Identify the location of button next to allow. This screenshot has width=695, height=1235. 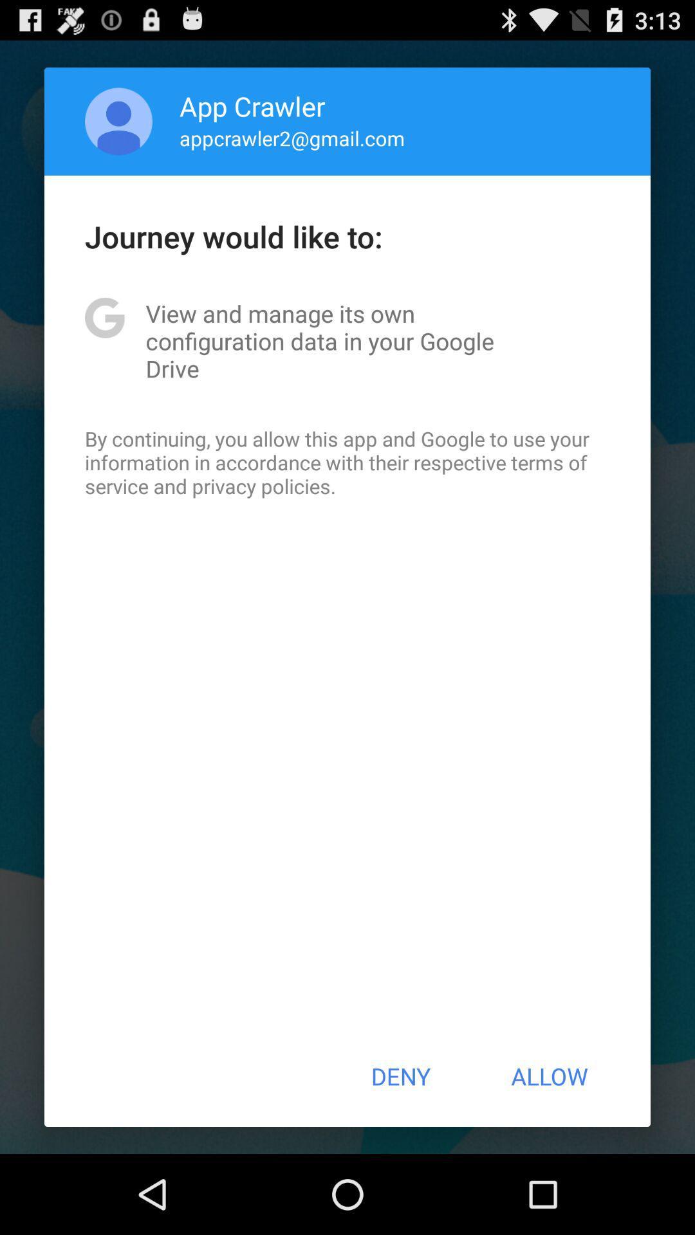
(400, 1076).